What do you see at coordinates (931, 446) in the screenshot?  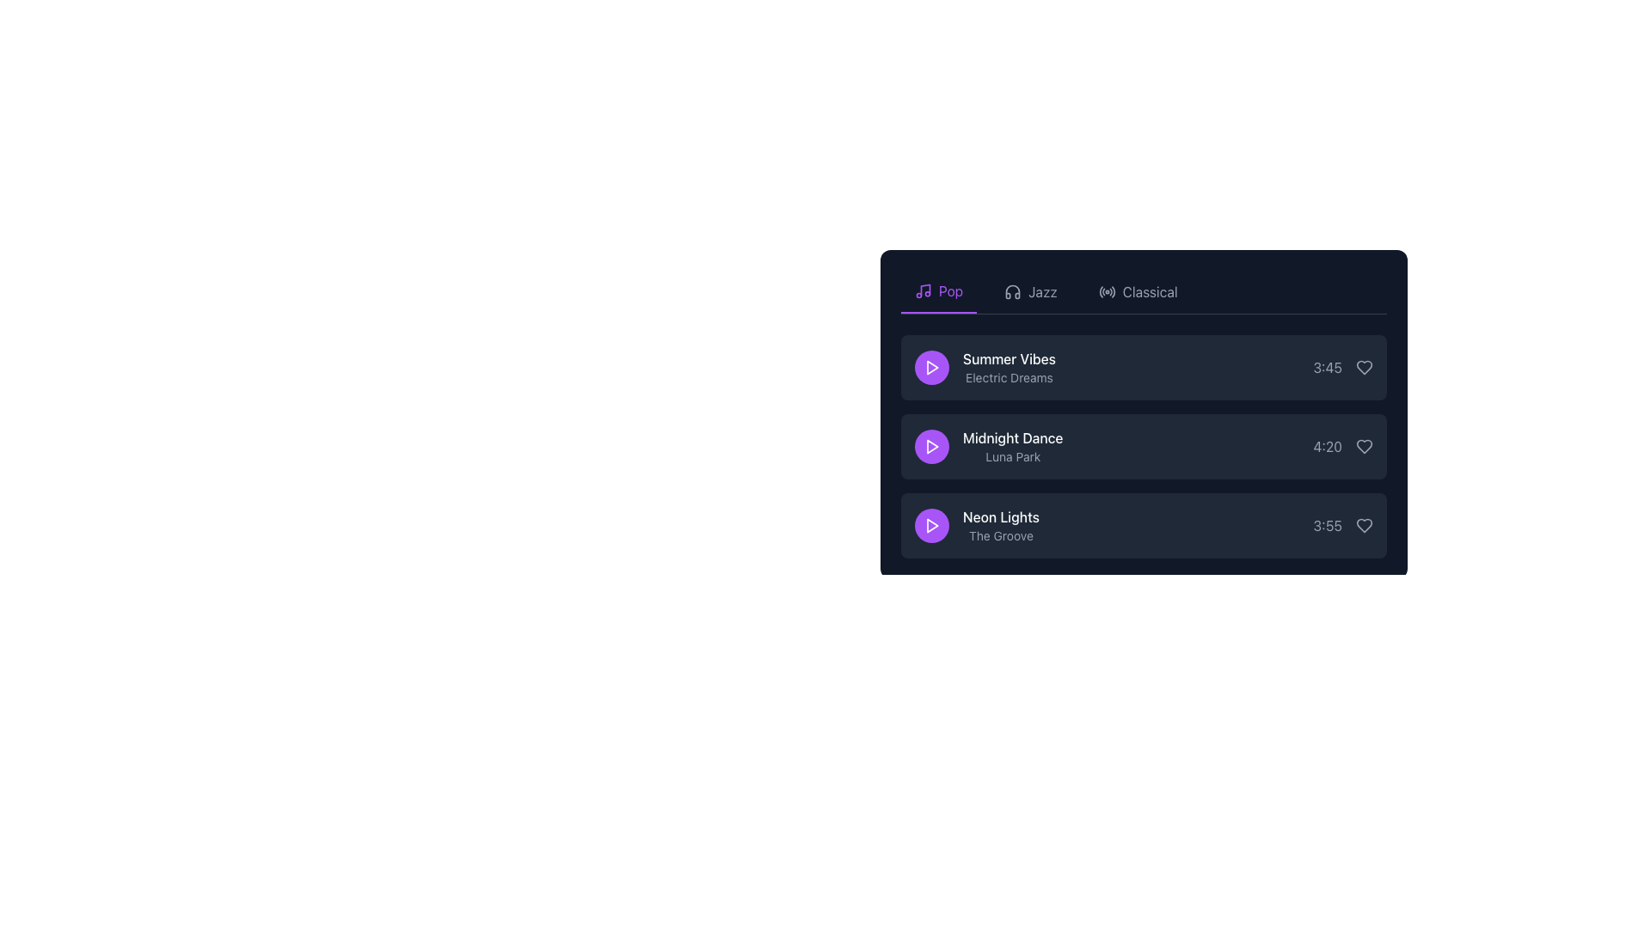 I see `the play button for 'Midnight Dance' by 'Luna Park' to trigger hover effects` at bounding box center [931, 446].